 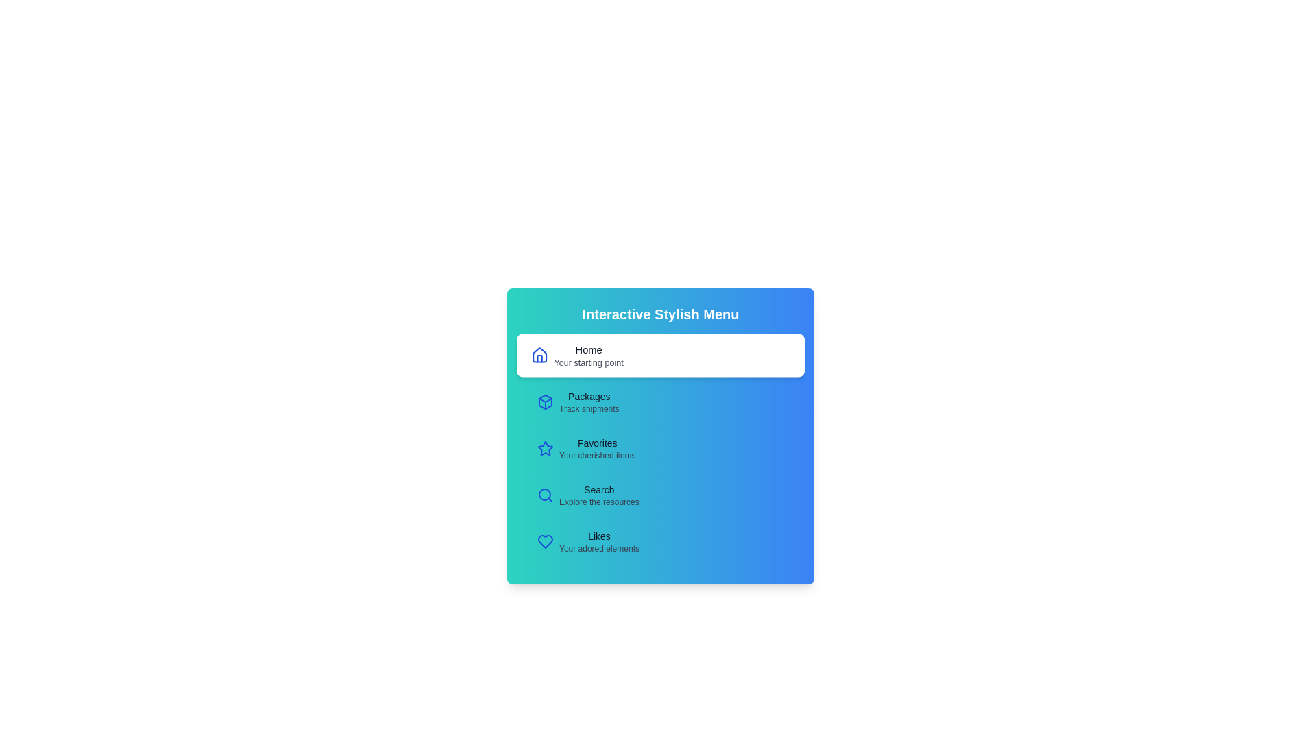 What do you see at coordinates (661, 541) in the screenshot?
I see `the menu item Likes` at bounding box center [661, 541].